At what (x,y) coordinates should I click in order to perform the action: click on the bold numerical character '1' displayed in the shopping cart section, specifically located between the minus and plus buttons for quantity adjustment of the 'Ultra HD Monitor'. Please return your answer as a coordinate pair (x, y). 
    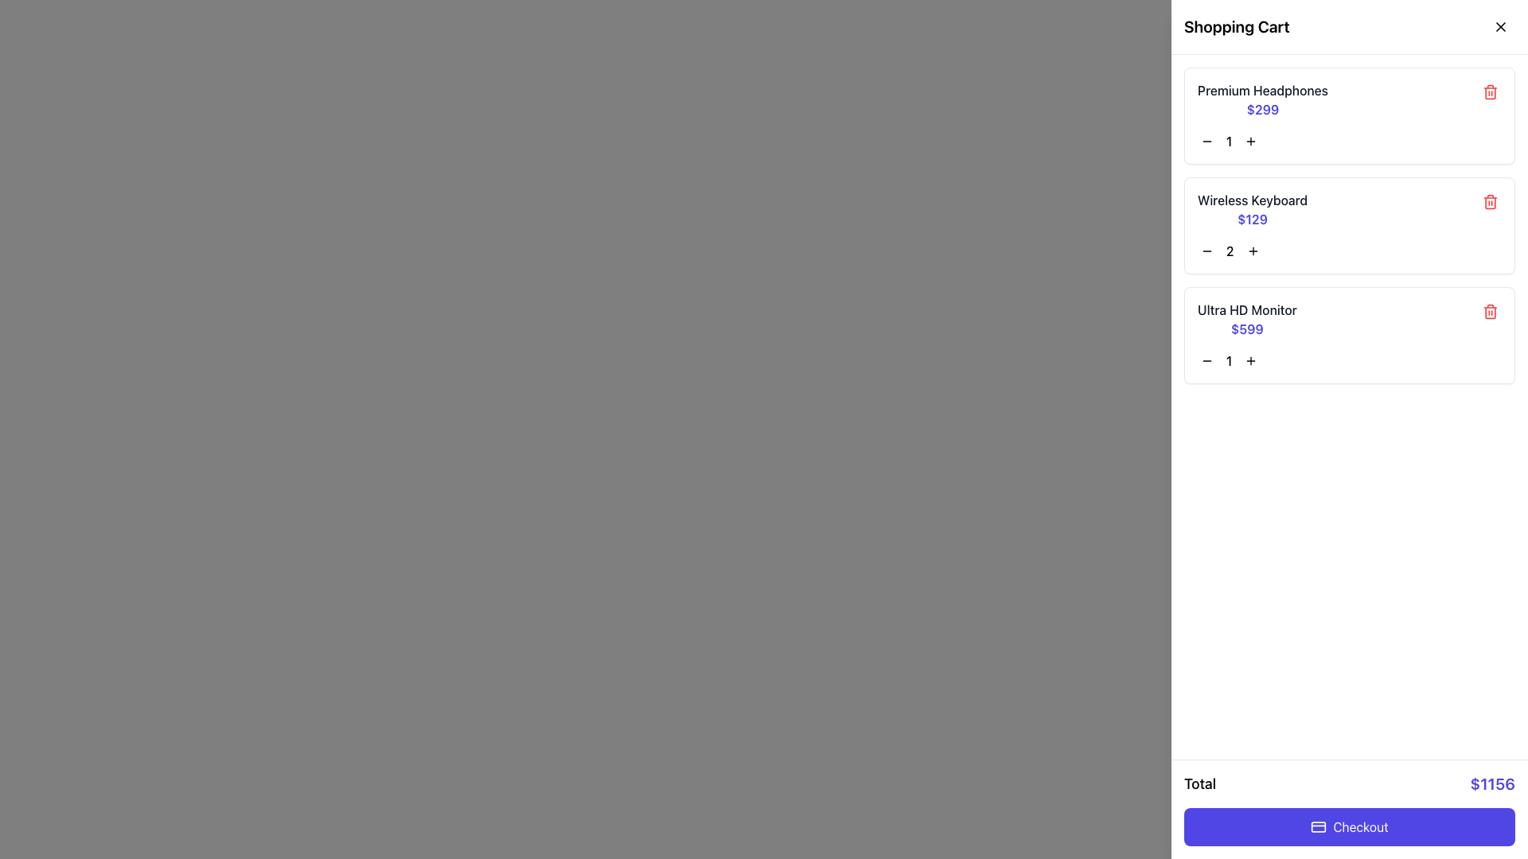
    Looking at the image, I should click on (1228, 140).